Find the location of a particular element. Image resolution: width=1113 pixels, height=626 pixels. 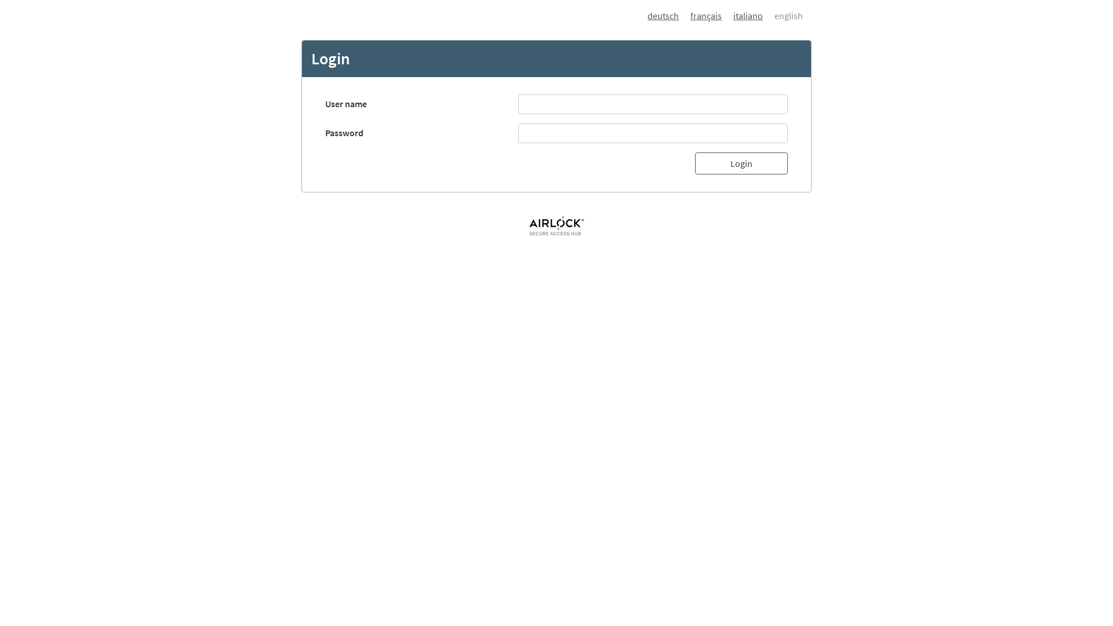

'italiano' is located at coordinates (742, 16).